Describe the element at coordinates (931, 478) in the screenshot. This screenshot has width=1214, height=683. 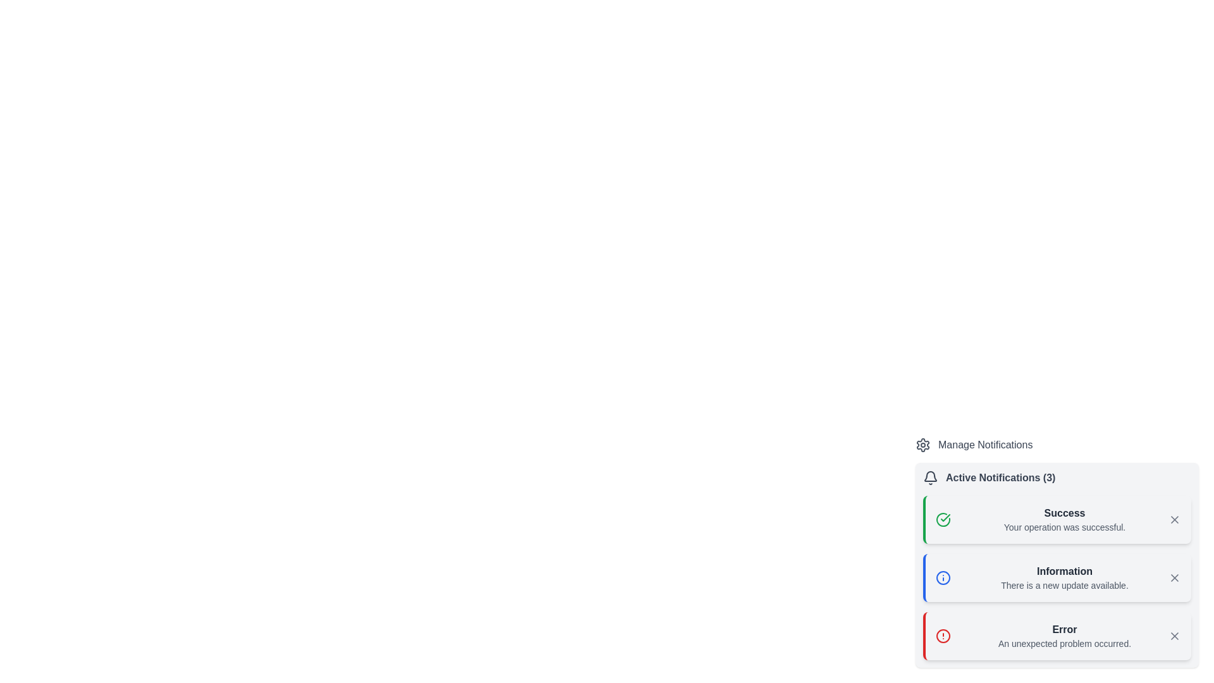
I see `the leftmost notification icon that indicates the activity or status of notifications in the interface` at that location.